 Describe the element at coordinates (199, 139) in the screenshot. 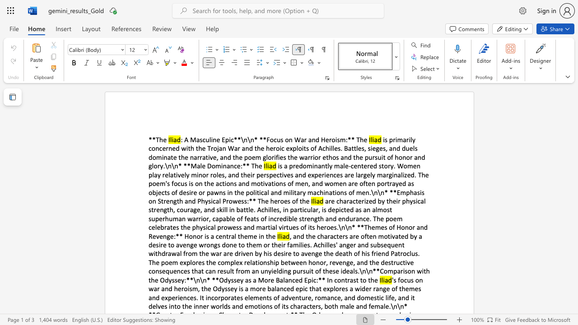

I see `the subset text "sculine Epic**\n\n" within the text ": A Masculine Epic**\n\n* **Focus on"` at that location.